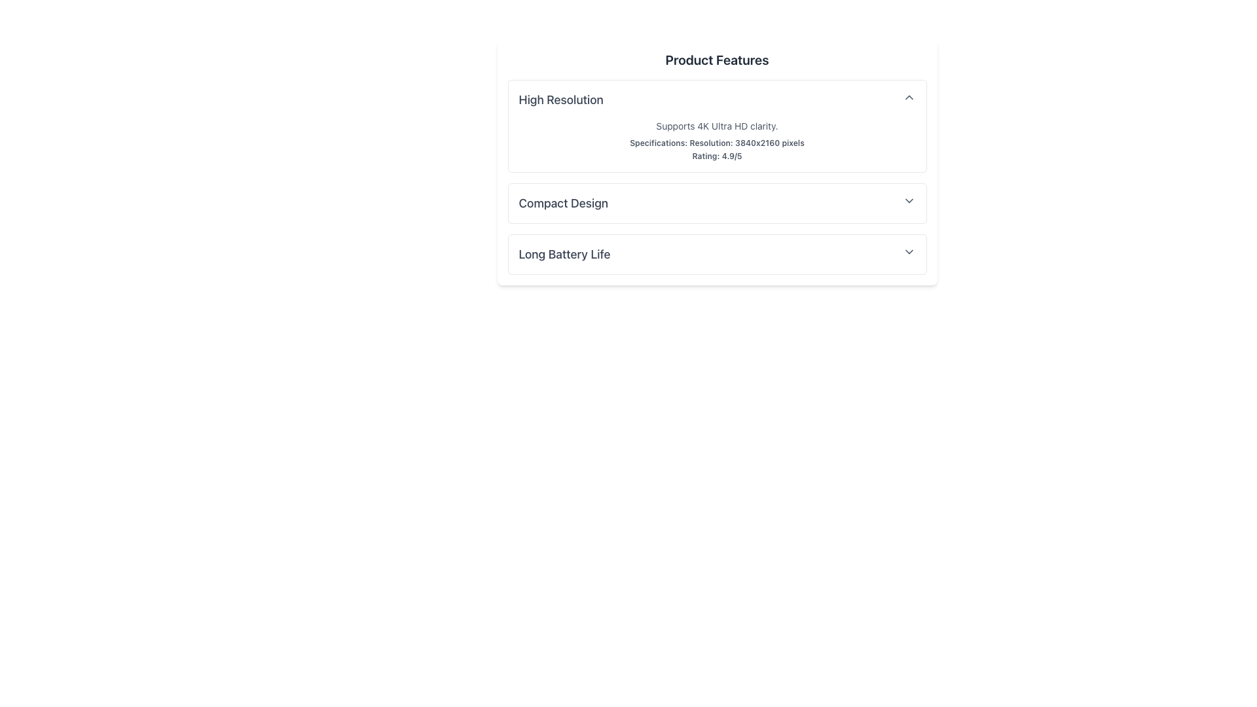 This screenshot has width=1257, height=707. I want to click on descriptive label text for the feature located in the bottom section of the product features list, below 'Compact Design', so click(564, 255).